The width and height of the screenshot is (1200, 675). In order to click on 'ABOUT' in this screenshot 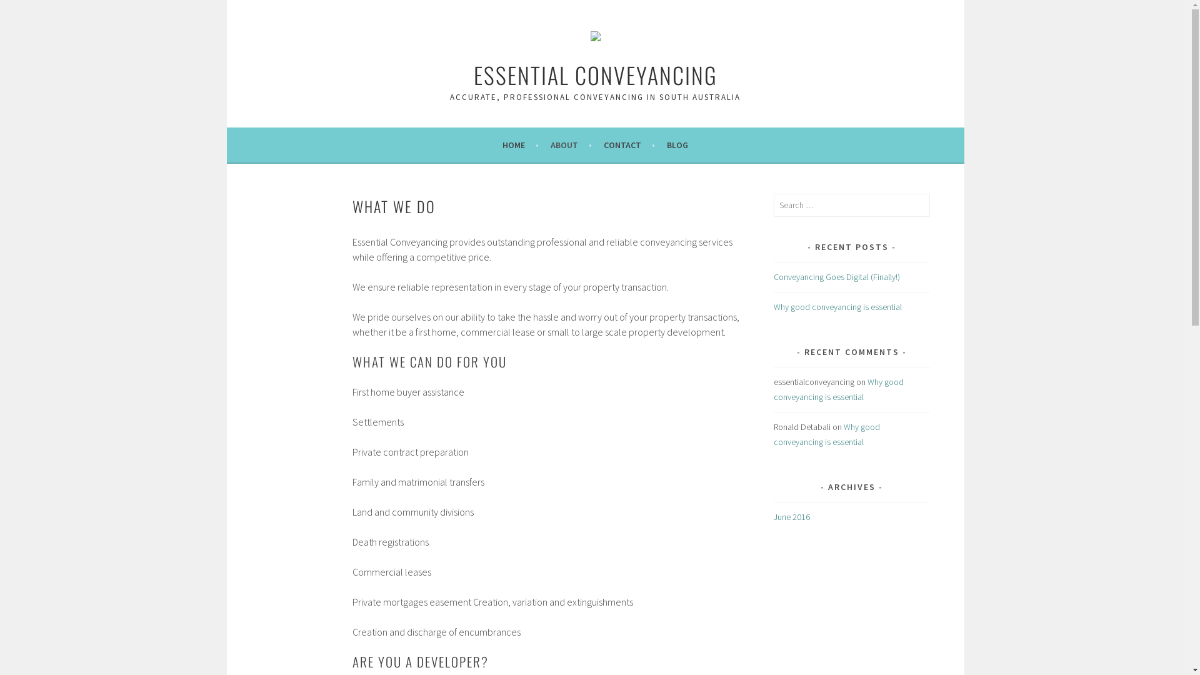, I will do `click(570, 144)`.